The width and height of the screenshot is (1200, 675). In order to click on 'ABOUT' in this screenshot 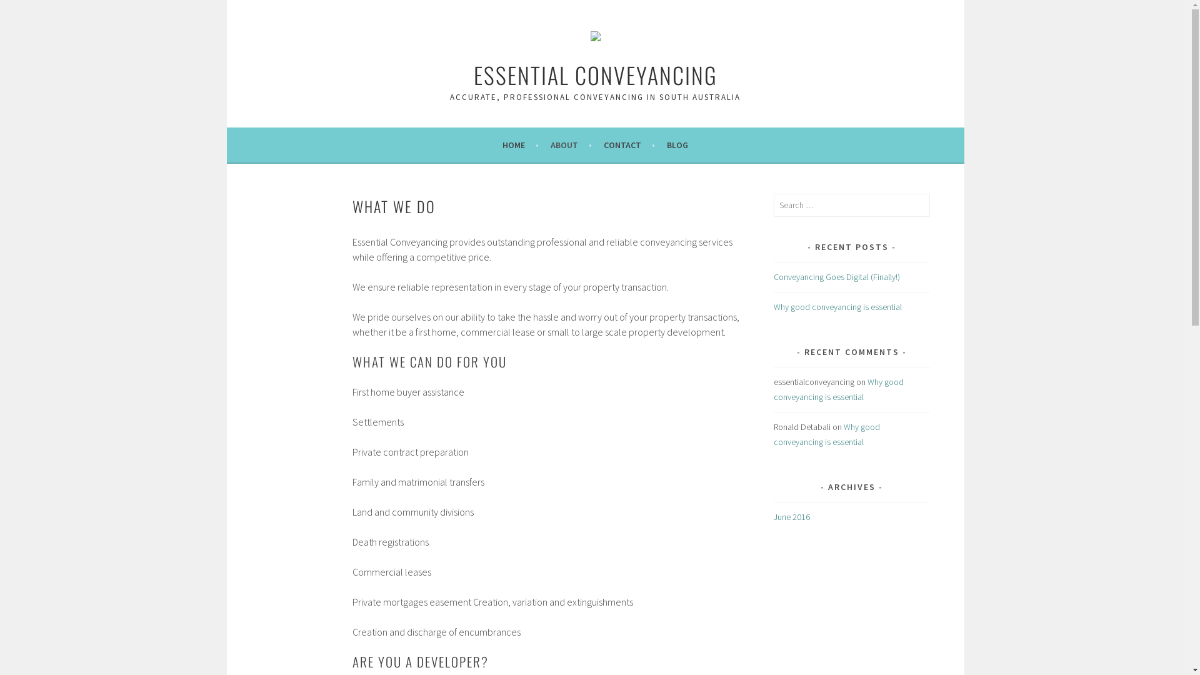, I will do `click(570, 144)`.